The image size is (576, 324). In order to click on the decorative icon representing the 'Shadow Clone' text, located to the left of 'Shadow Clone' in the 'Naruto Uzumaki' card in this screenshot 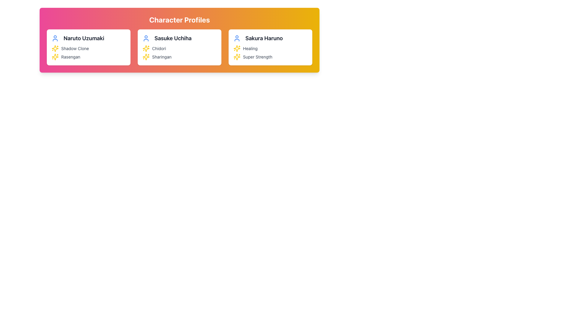, I will do `click(55, 48)`.